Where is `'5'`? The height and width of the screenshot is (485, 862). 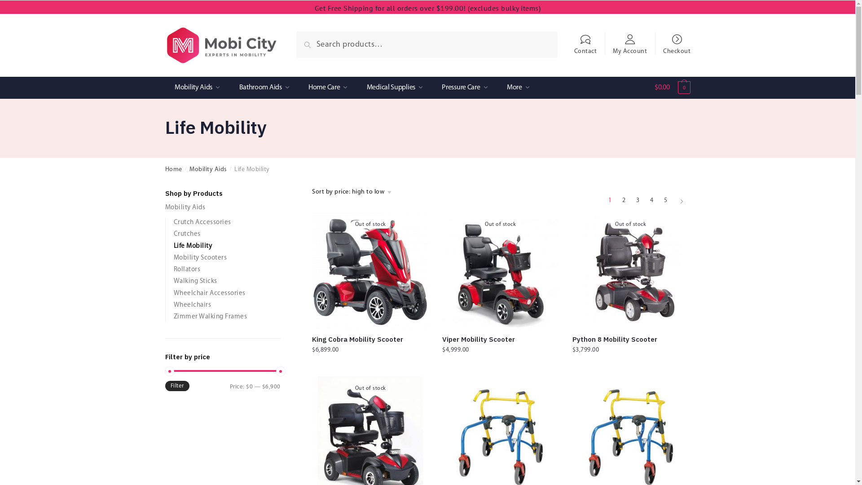 '5' is located at coordinates (666, 200).